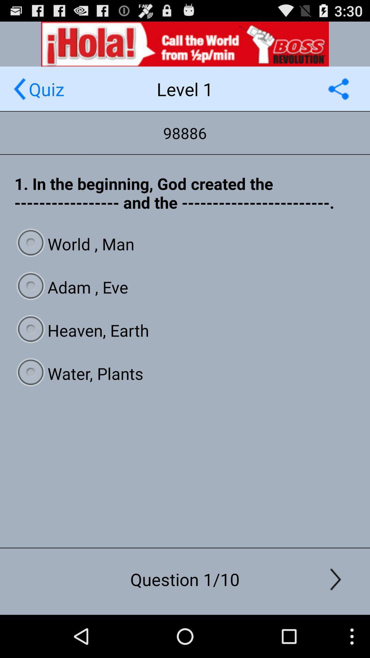 This screenshot has height=658, width=370. Describe the element at coordinates (338, 95) in the screenshot. I see `the share icon` at that location.